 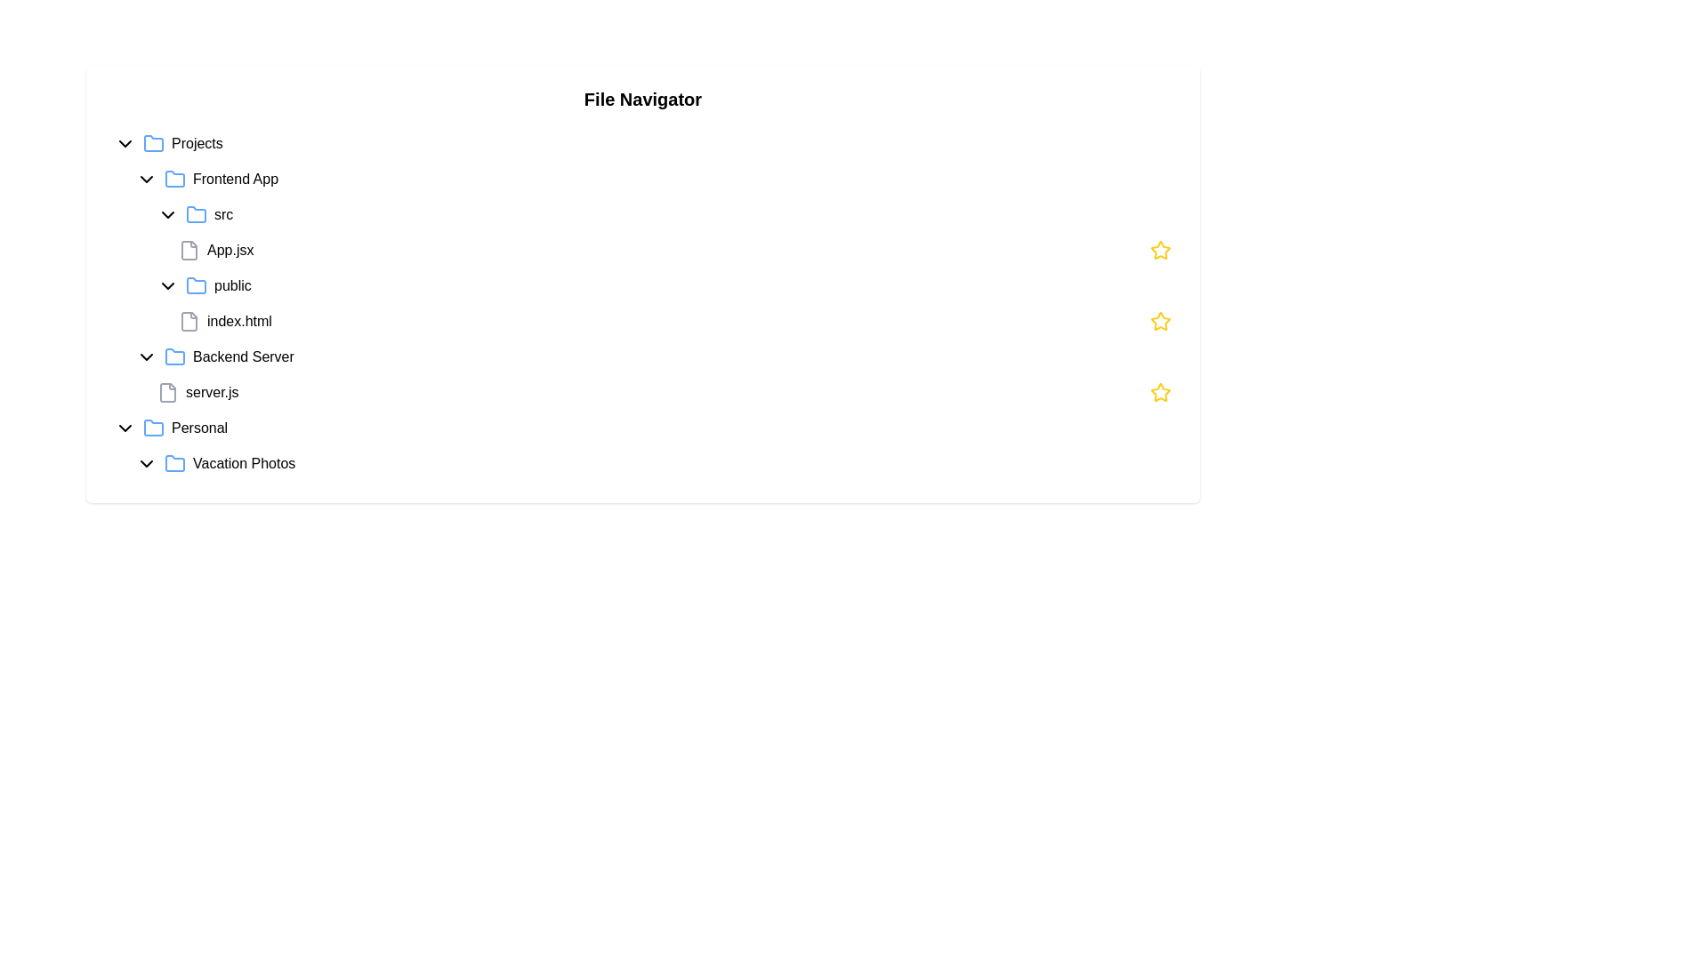 What do you see at coordinates (234, 179) in the screenshot?
I see `the text label indicating the folder's name 'Frontend App'` at bounding box center [234, 179].